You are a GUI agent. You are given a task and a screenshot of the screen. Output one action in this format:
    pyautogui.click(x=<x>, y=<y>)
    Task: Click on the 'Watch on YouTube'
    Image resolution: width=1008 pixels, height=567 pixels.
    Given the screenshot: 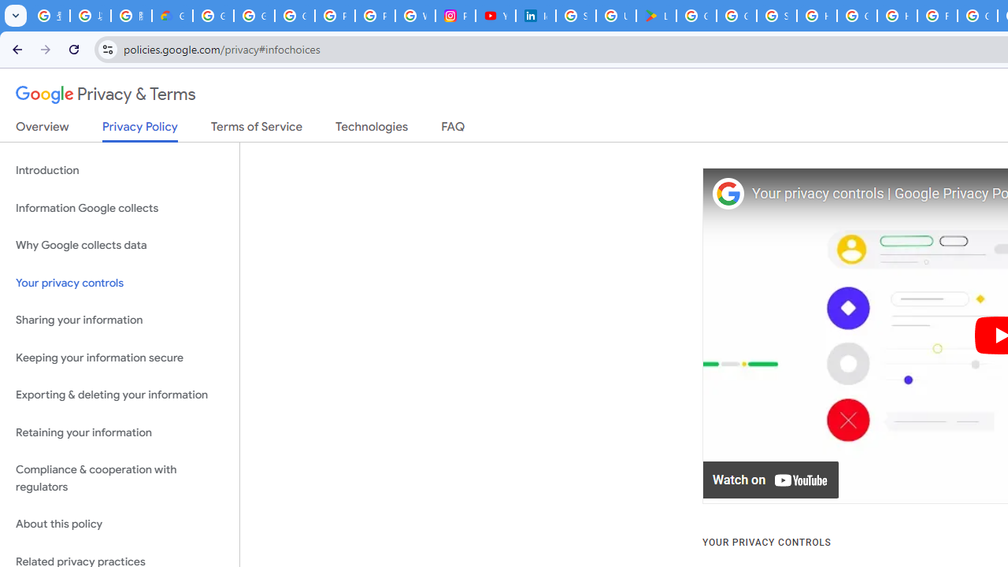 What is the action you would take?
    pyautogui.click(x=771, y=480)
    